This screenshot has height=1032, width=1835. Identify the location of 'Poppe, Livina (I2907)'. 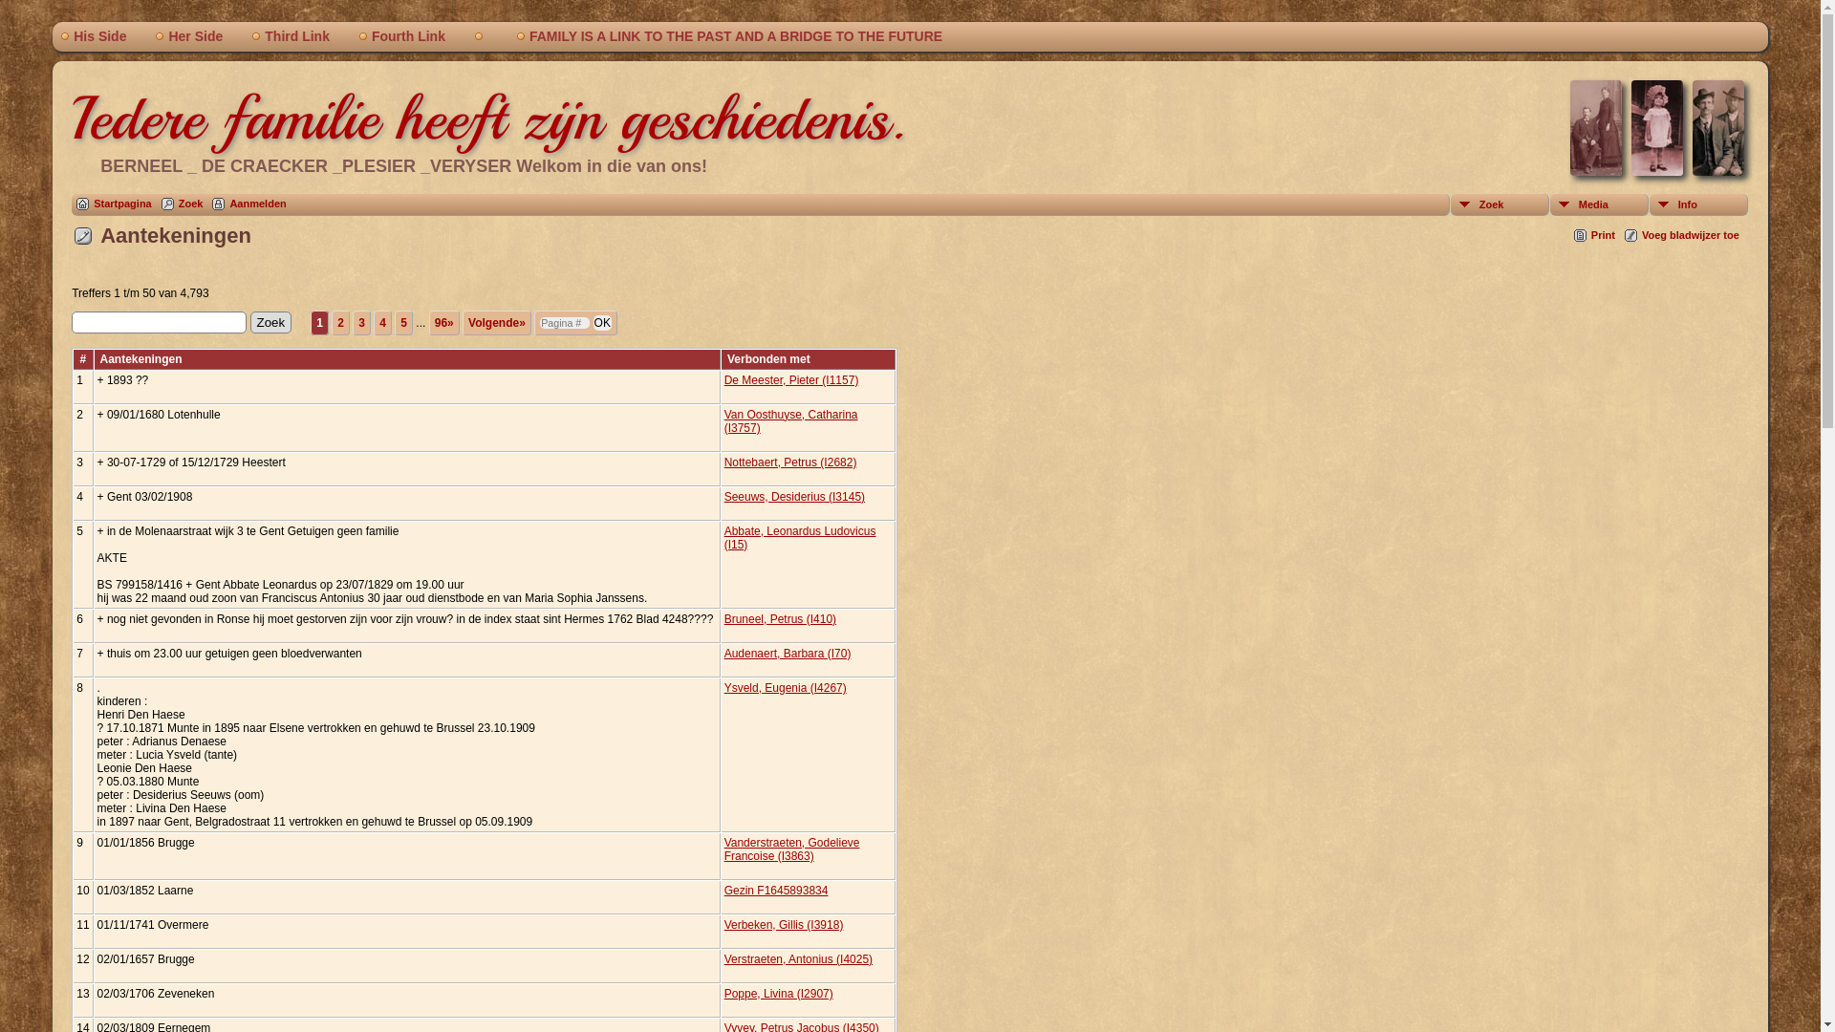
(779, 993).